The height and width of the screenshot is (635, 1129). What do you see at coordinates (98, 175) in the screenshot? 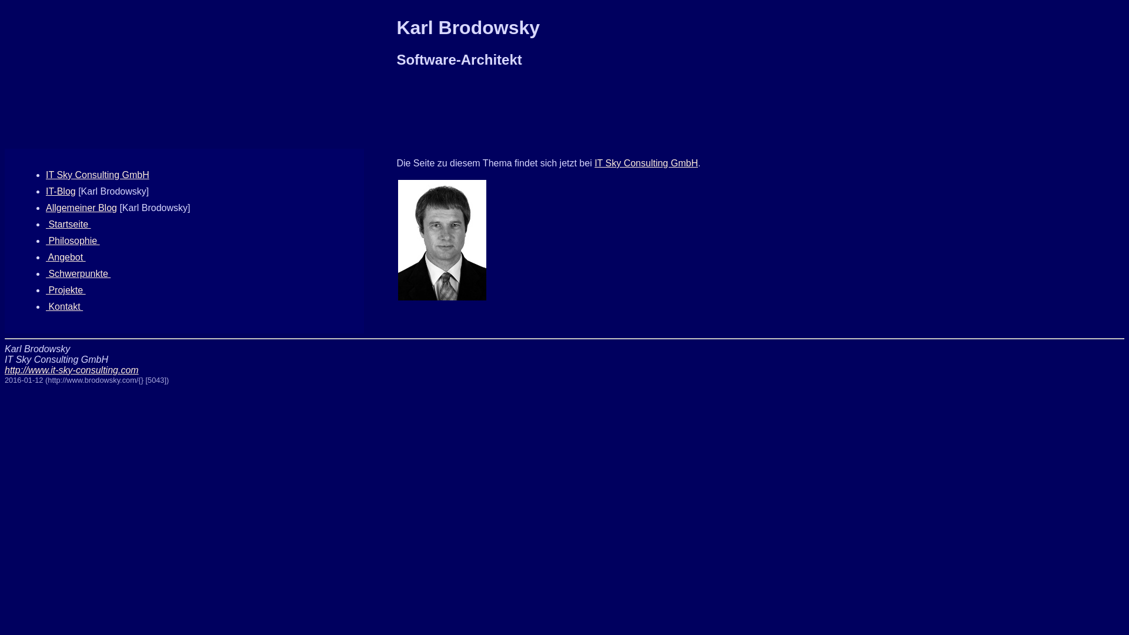
I see `'IT Sky Consulting GmbH'` at bounding box center [98, 175].